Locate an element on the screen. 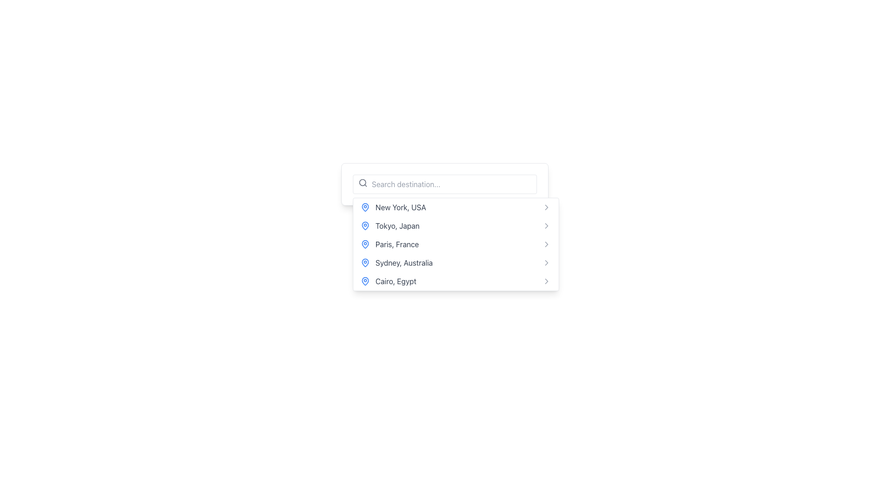  the rightward-facing chevron arrow icon located to the far right of the 'Paris, France' list item, which is uniquely identifiable as it appears exclusively in this context is located at coordinates (546, 243).